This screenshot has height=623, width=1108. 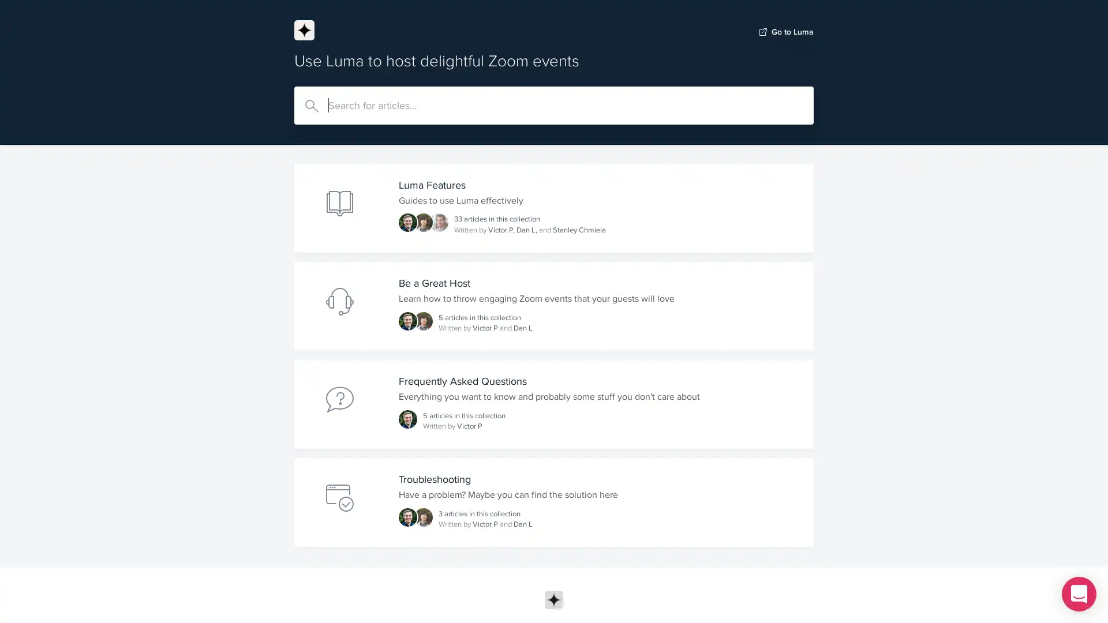 I want to click on Open Intercom Messenger, so click(x=1079, y=594).